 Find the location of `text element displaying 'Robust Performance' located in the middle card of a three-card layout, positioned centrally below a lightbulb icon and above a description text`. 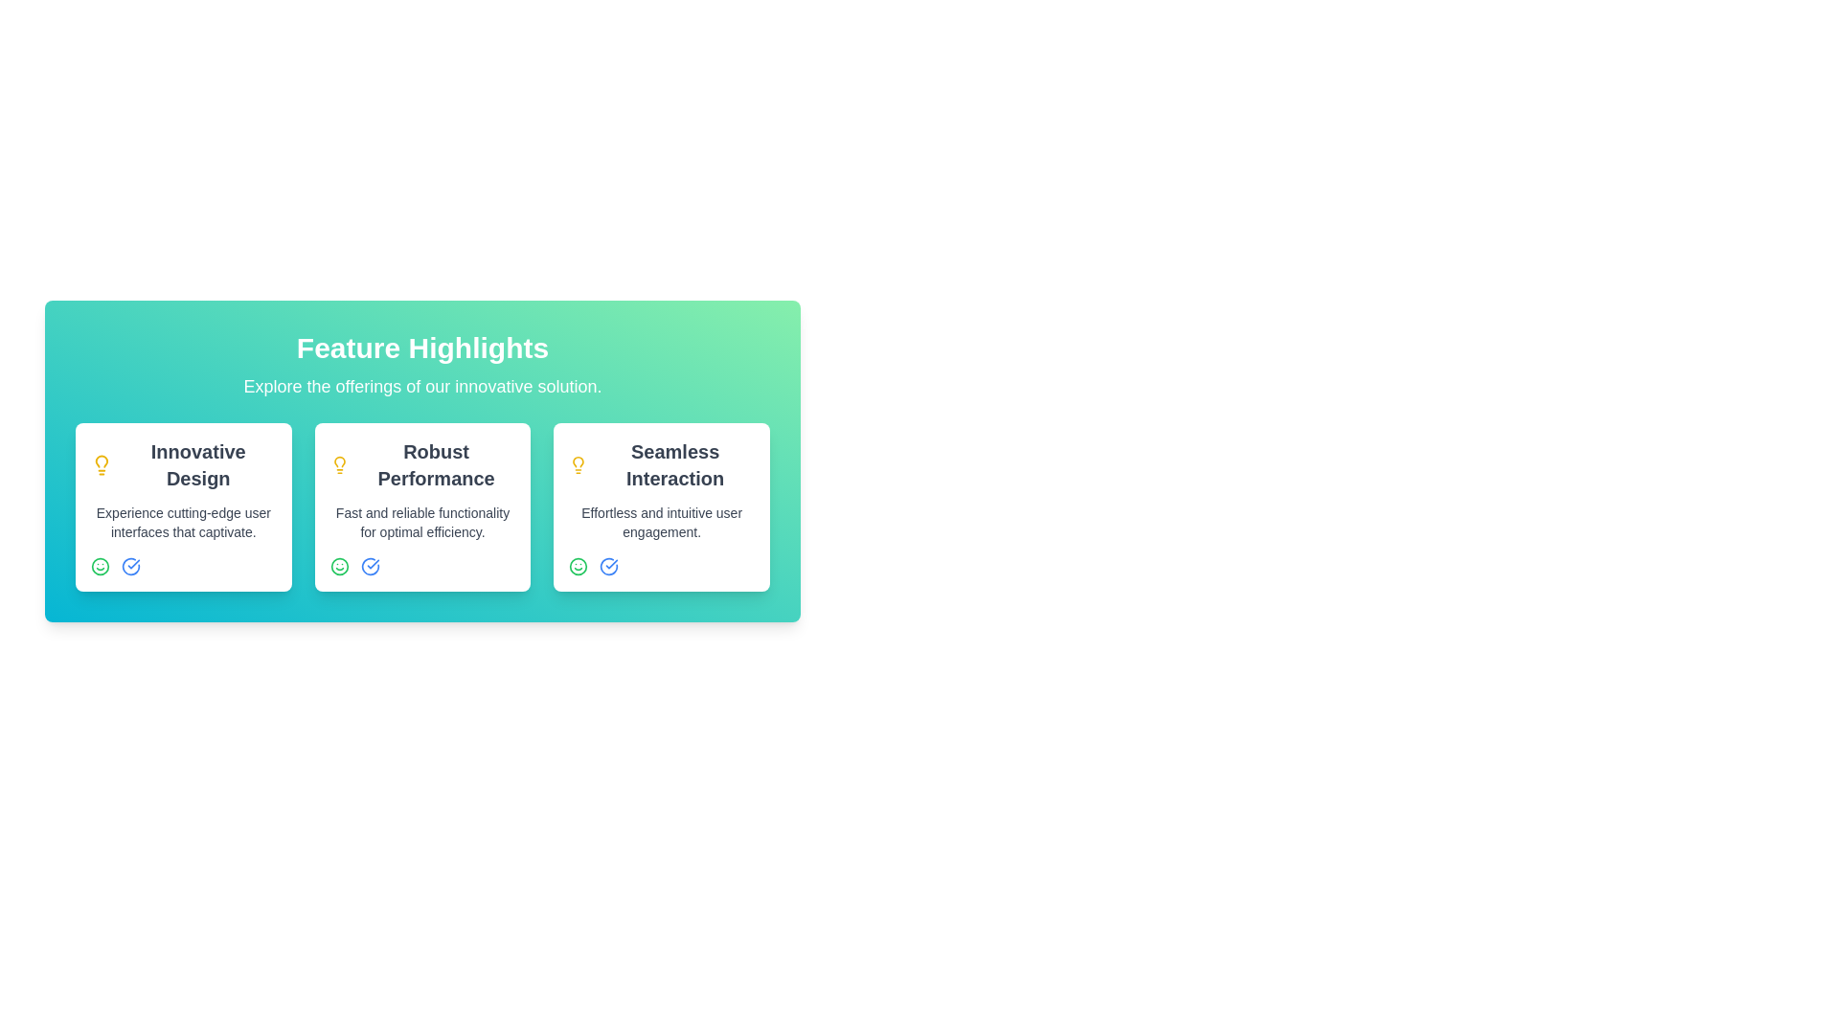

text element displaying 'Robust Performance' located in the middle card of a three-card layout, positioned centrally below a lightbulb icon and above a description text is located at coordinates (435, 465).